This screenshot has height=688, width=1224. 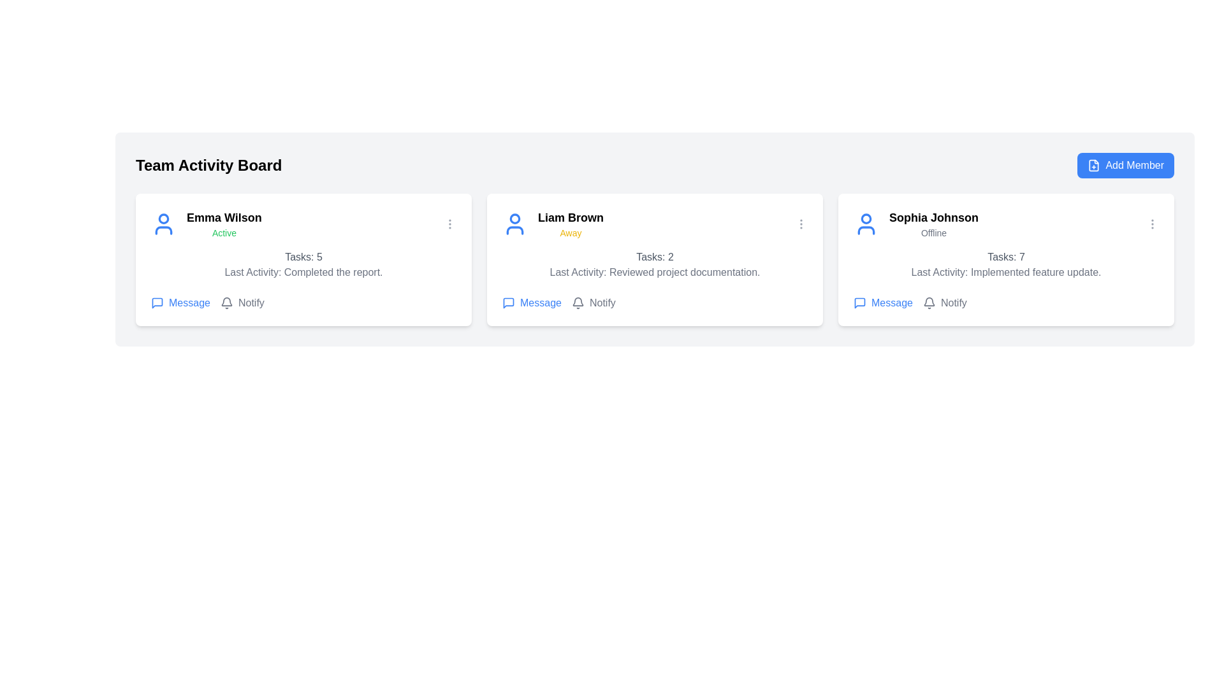 I want to click on the notification indicator icon located at the bottom center of the SVG illustration for the card of Liam Brown, so click(x=226, y=301).